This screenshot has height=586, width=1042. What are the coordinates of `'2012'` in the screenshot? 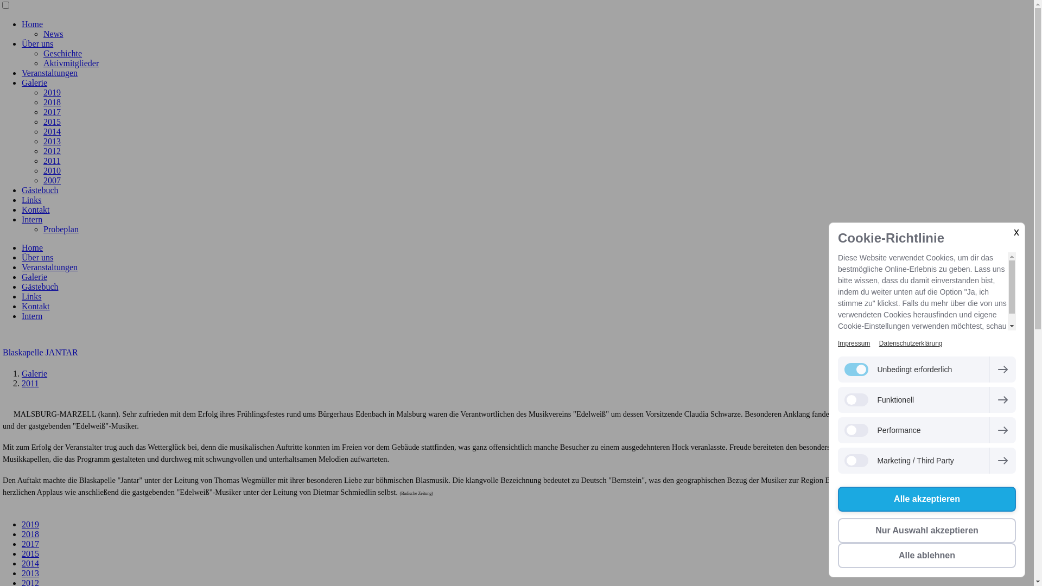 It's located at (52, 151).